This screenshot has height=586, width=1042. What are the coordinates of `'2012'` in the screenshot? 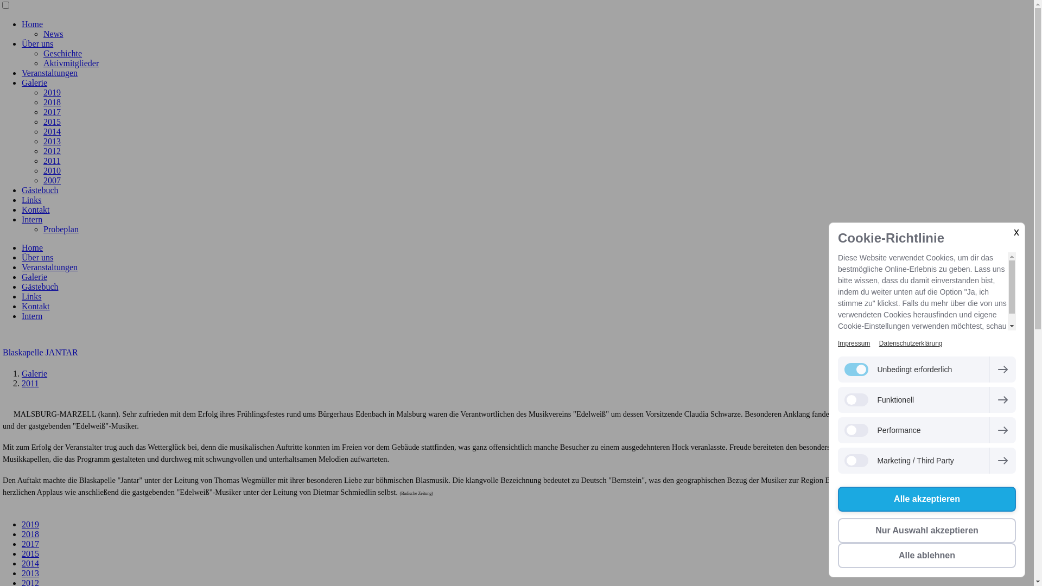 It's located at (52, 151).